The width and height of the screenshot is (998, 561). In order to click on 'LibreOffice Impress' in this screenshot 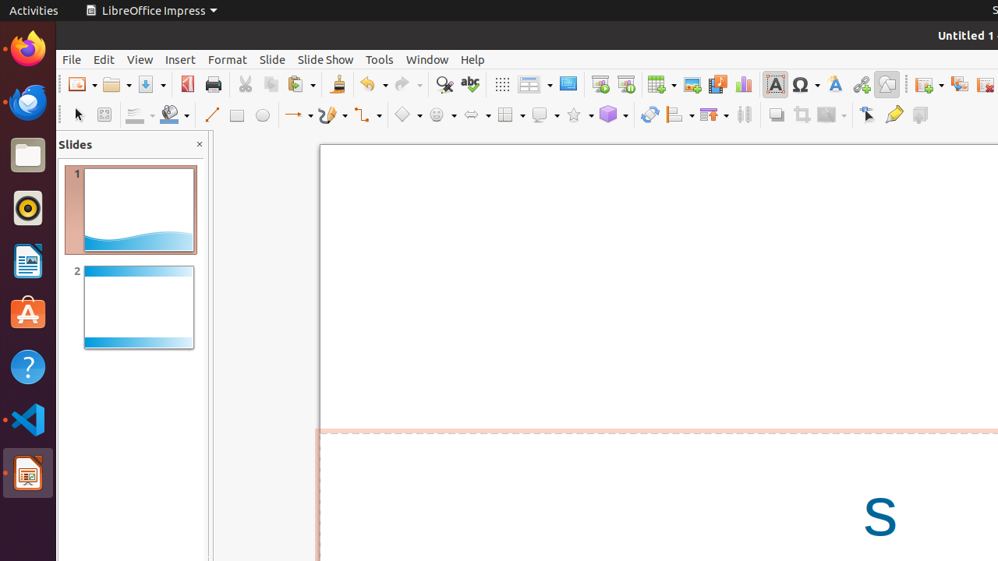, I will do `click(150, 10)`.